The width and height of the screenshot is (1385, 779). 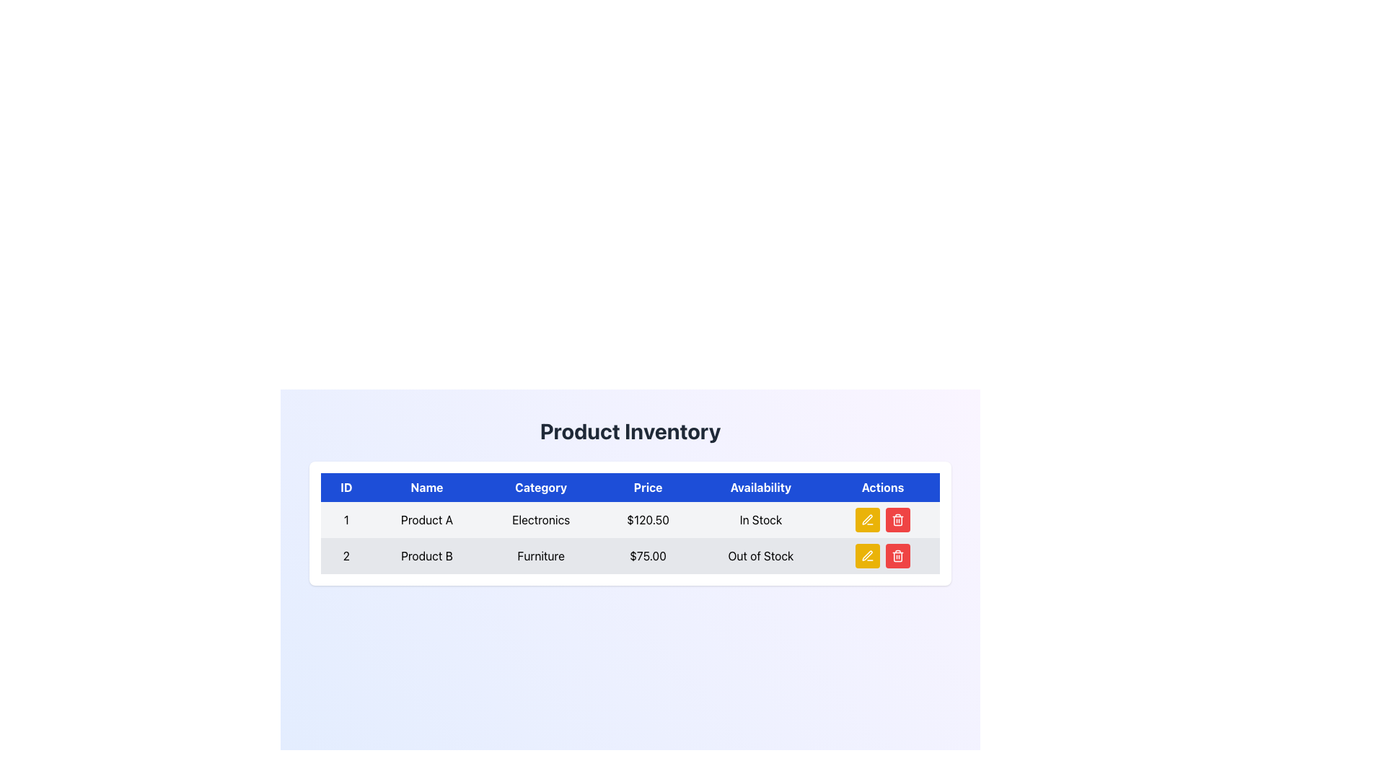 What do you see at coordinates (647, 487) in the screenshot?
I see `the 'Price' static text header, which is a rectangular button-like component with a blue background and white bold text, located in a horizontal row of six items` at bounding box center [647, 487].